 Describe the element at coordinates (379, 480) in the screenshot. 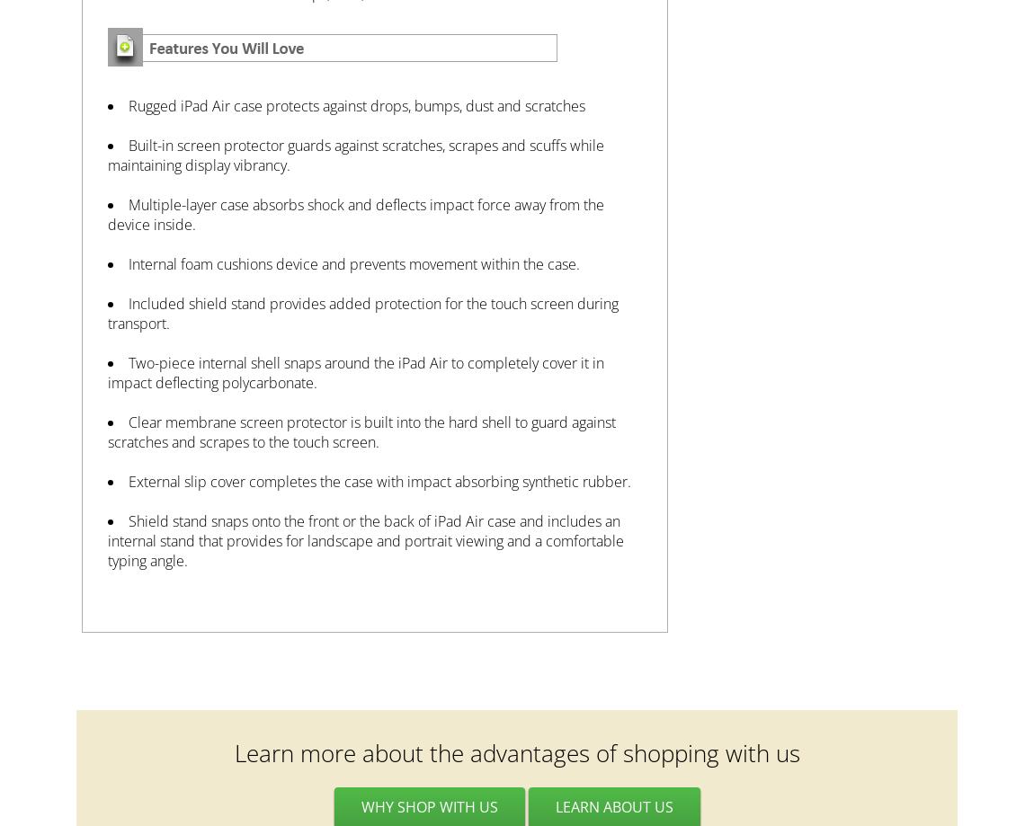

I see `'External slip cover completes the case with impact absorbing synthetic rubber.'` at that location.